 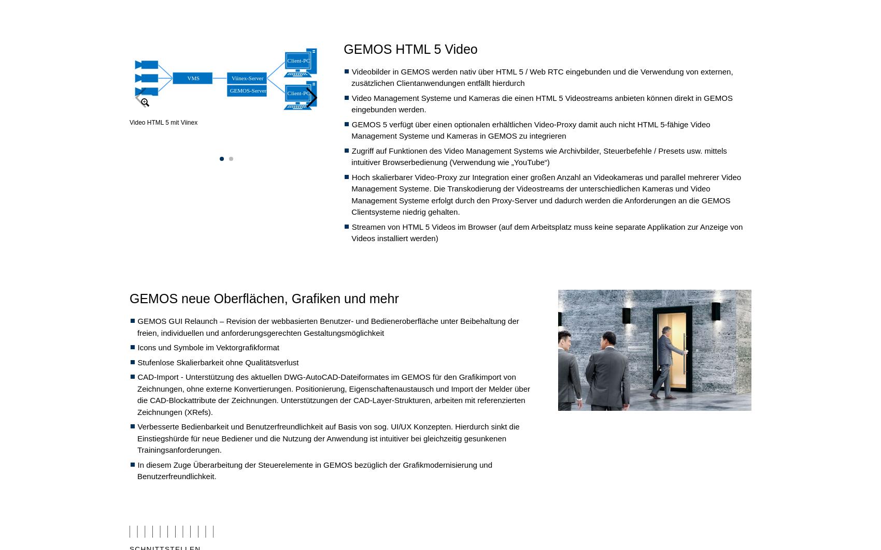 I want to click on 'Verbesserte Bedienbarkeit und Benutzerfreundlichkeit auf Basis von sog. UI/UX Konzepten. Hierdurch sinkt die Einstiegshürde für neue Bediener und die Nutzung der Anwendung ist intuitiver bei gleichzeitig gesunkenen Trainingsanforderungen.', so click(x=328, y=437).